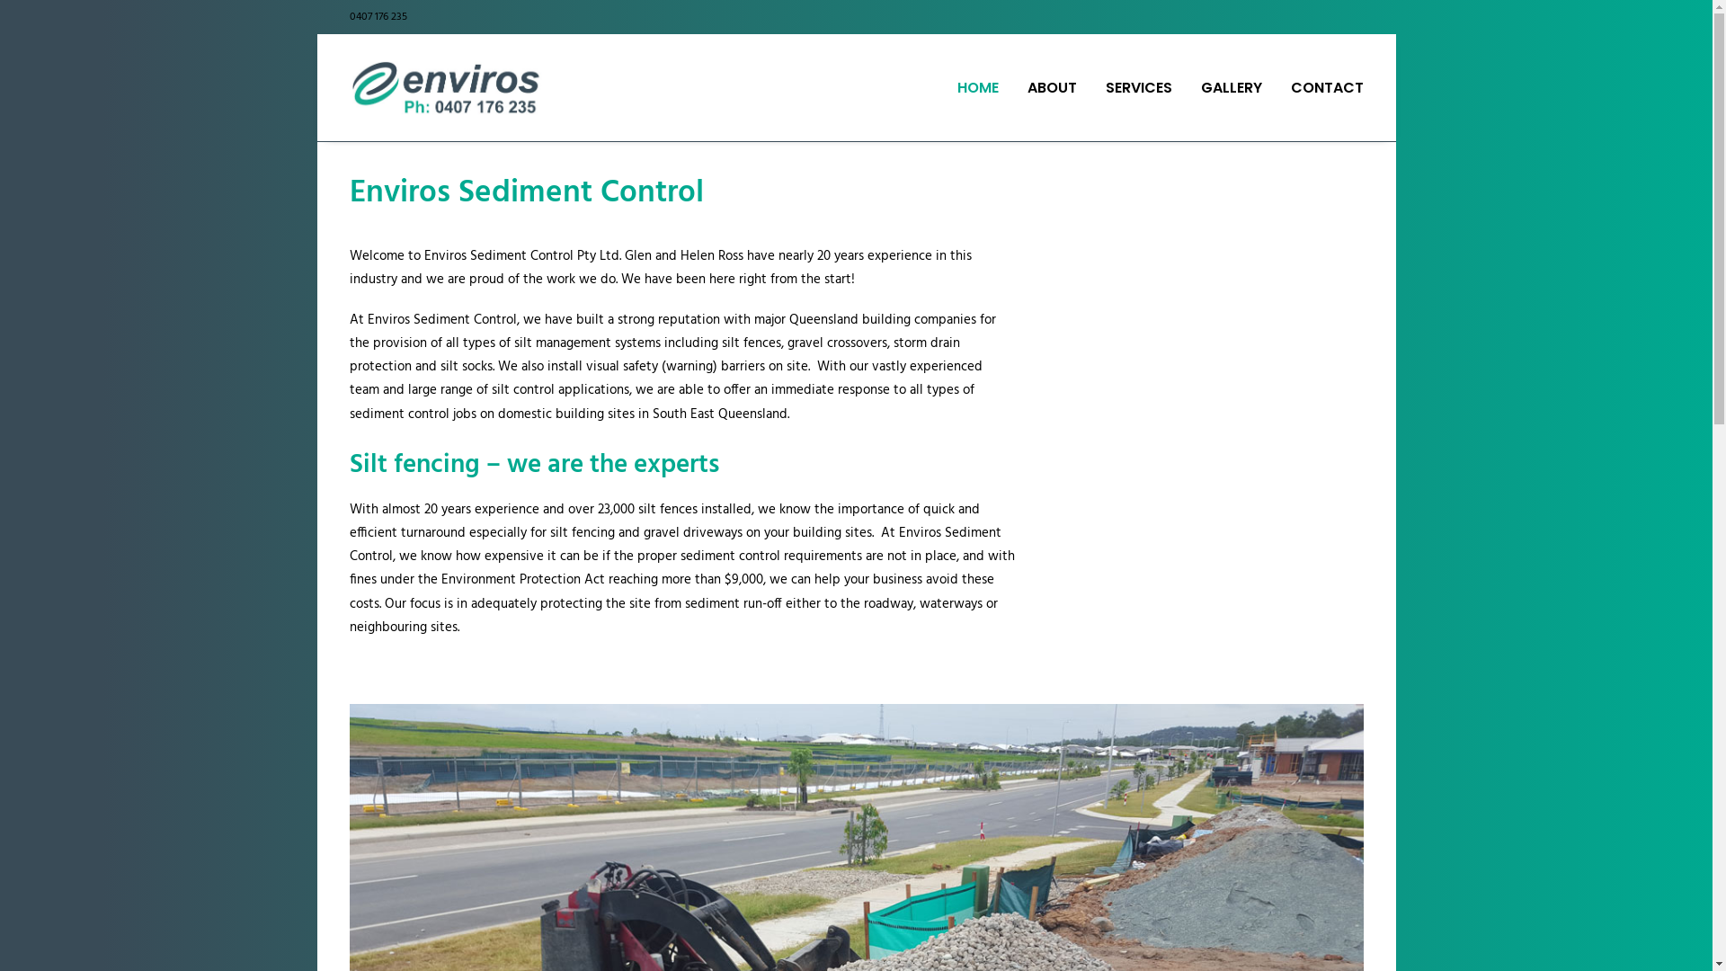  What do you see at coordinates (1230, 87) in the screenshot?
I see `'GALLERY'` at bounding box center [1230, 87].